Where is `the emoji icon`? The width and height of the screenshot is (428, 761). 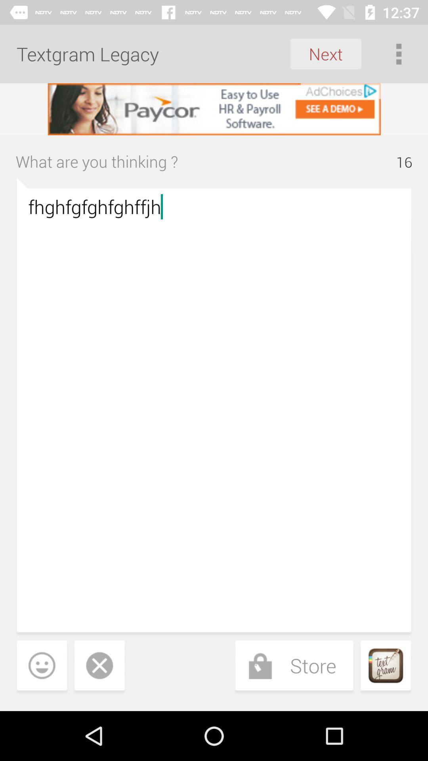 the emoji icon is located at coordinates (42, 667).